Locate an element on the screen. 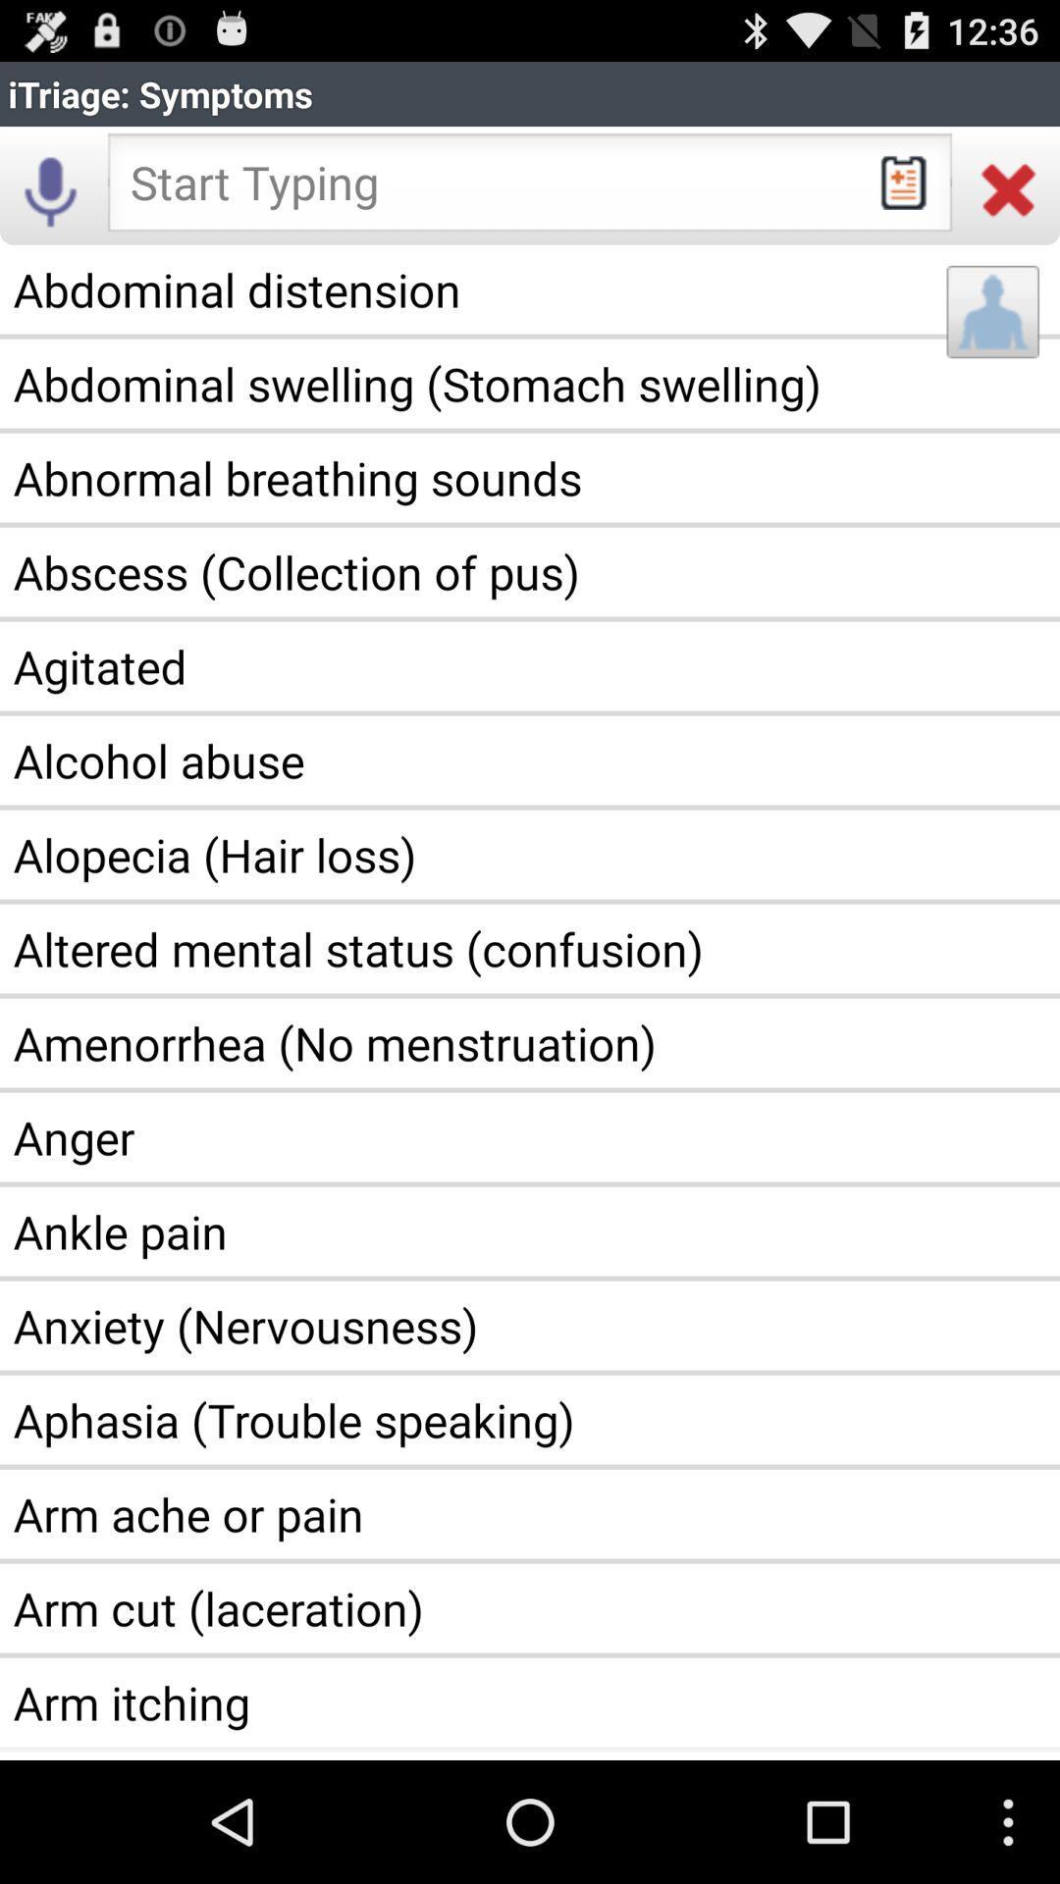 This screenshot has width=1060, height=1884. the ankle pain app is located at coordinates (530, 1230).